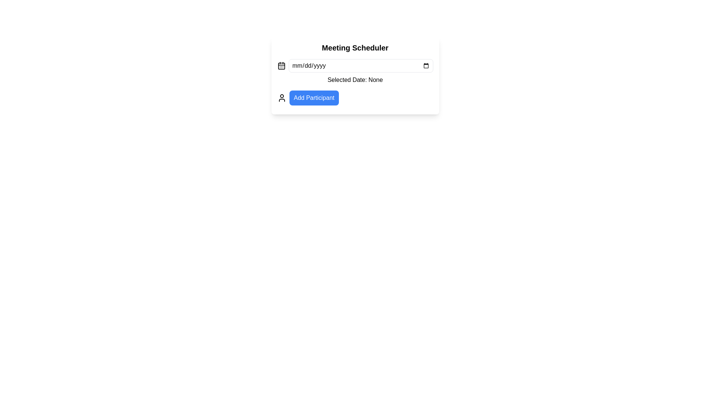 Image resolution: width=719 pixels, height=404 pixels. Describe the element at coordinates (361, 65) in the screenshot. I see `a date using the Date Picker Input Field, which is a rounded rectangular input box with the placeholder 'mm/dd/yyyy', positioned between two calendar icons` at that location.